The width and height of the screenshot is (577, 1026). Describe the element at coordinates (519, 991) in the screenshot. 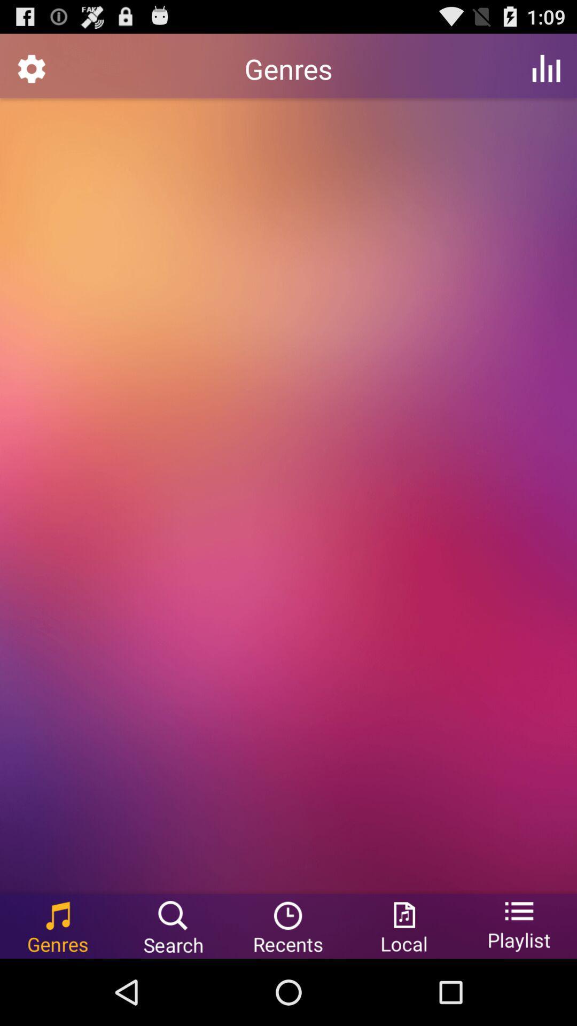

I see `the list icon` at that location.